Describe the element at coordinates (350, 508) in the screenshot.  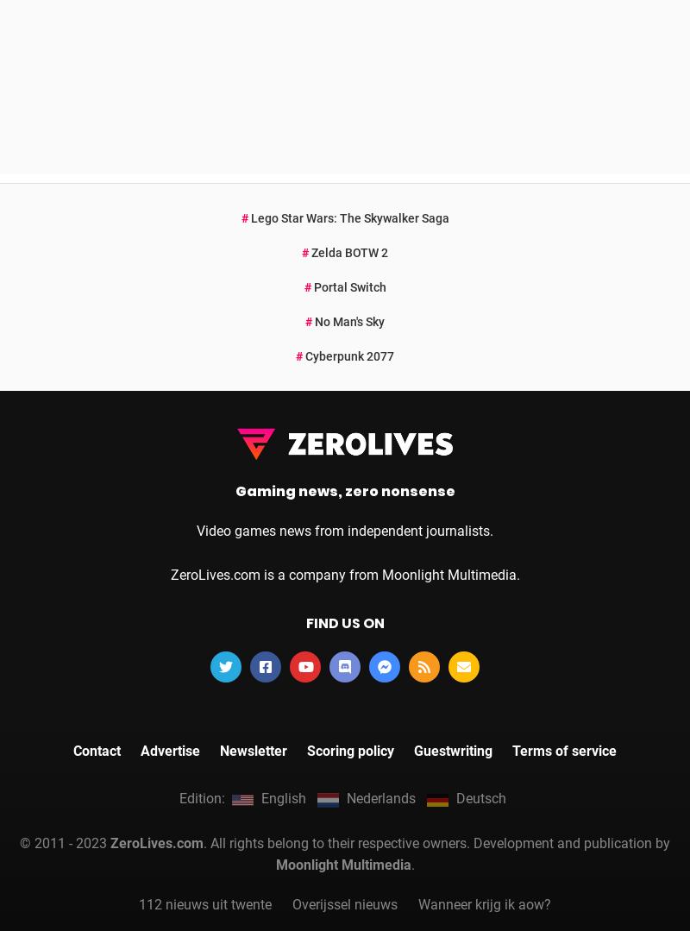
I see `'Scoring policy'` at that location.